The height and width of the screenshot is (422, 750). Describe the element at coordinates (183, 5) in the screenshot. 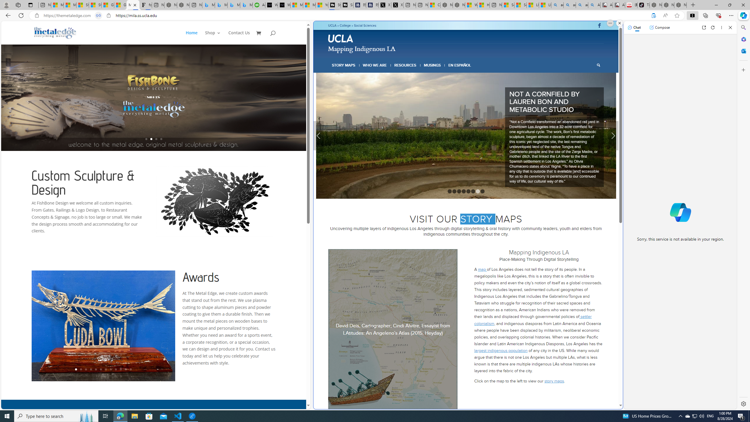

I see `'Nordace - #1 Japanese Best-Seller - Siena Smart Backpack'` at that location.